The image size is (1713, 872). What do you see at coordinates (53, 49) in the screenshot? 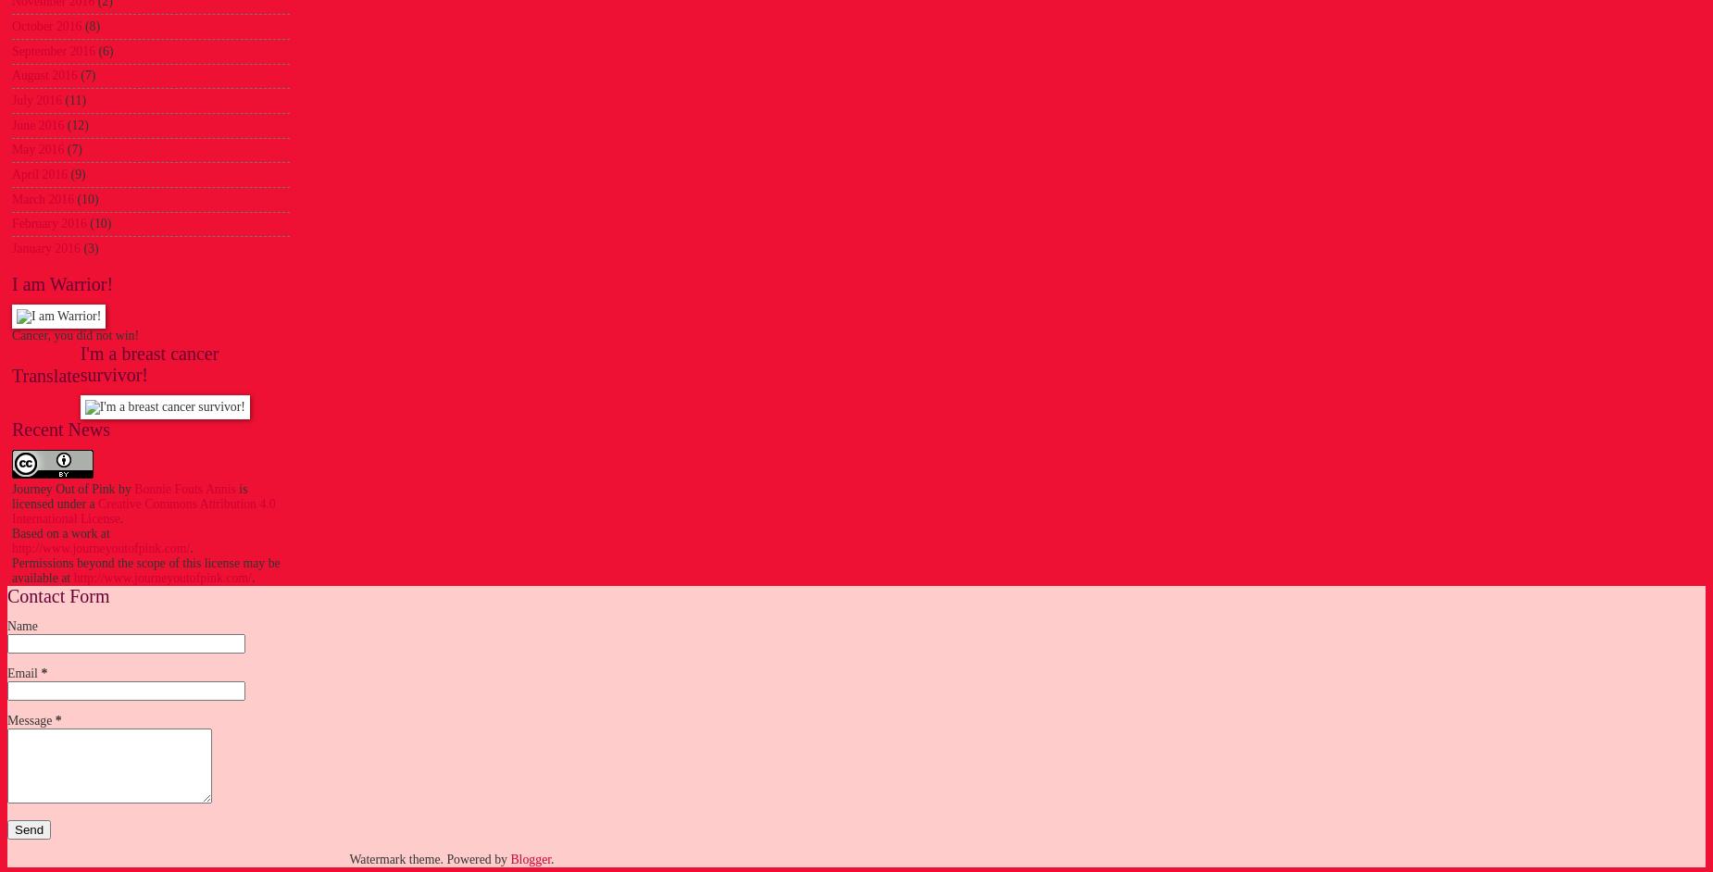
I see `'September 2016'` at bounding box center [53, 49].